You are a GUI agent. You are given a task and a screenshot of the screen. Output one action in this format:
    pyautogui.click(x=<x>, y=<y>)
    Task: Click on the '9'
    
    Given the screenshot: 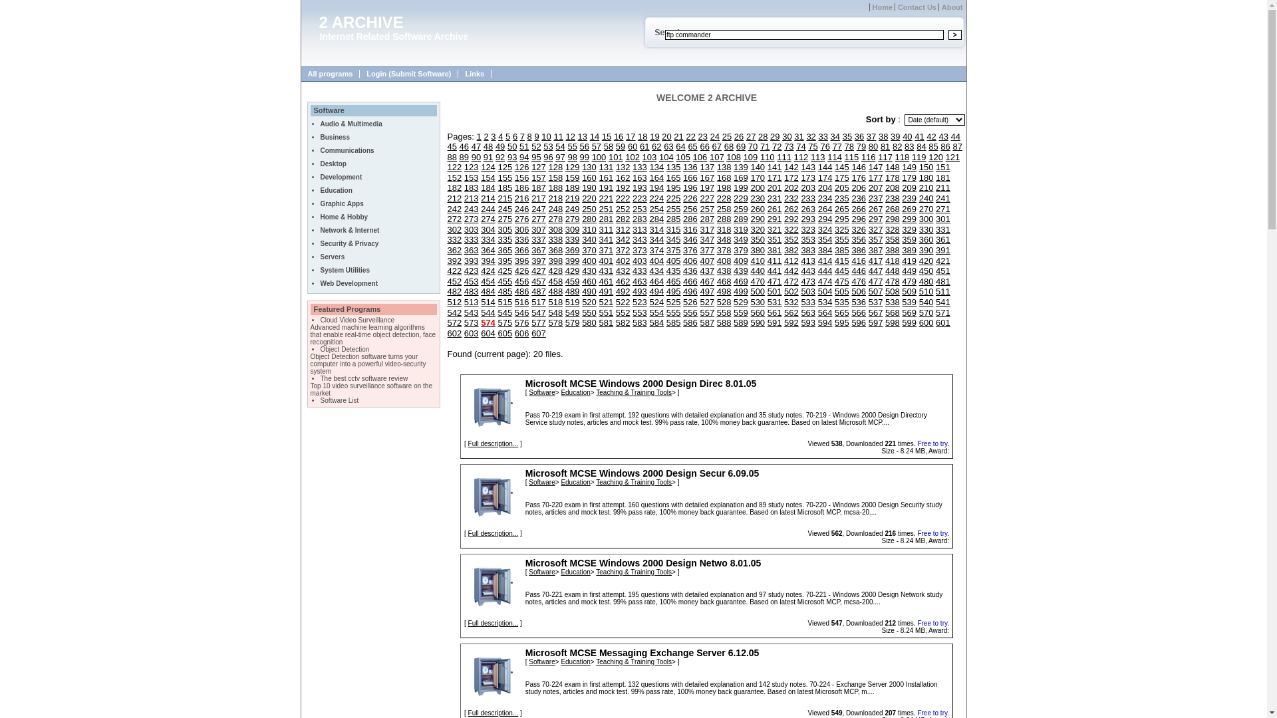 What is the action you would take?
    pyautogui.click(x=536, y=136)
    